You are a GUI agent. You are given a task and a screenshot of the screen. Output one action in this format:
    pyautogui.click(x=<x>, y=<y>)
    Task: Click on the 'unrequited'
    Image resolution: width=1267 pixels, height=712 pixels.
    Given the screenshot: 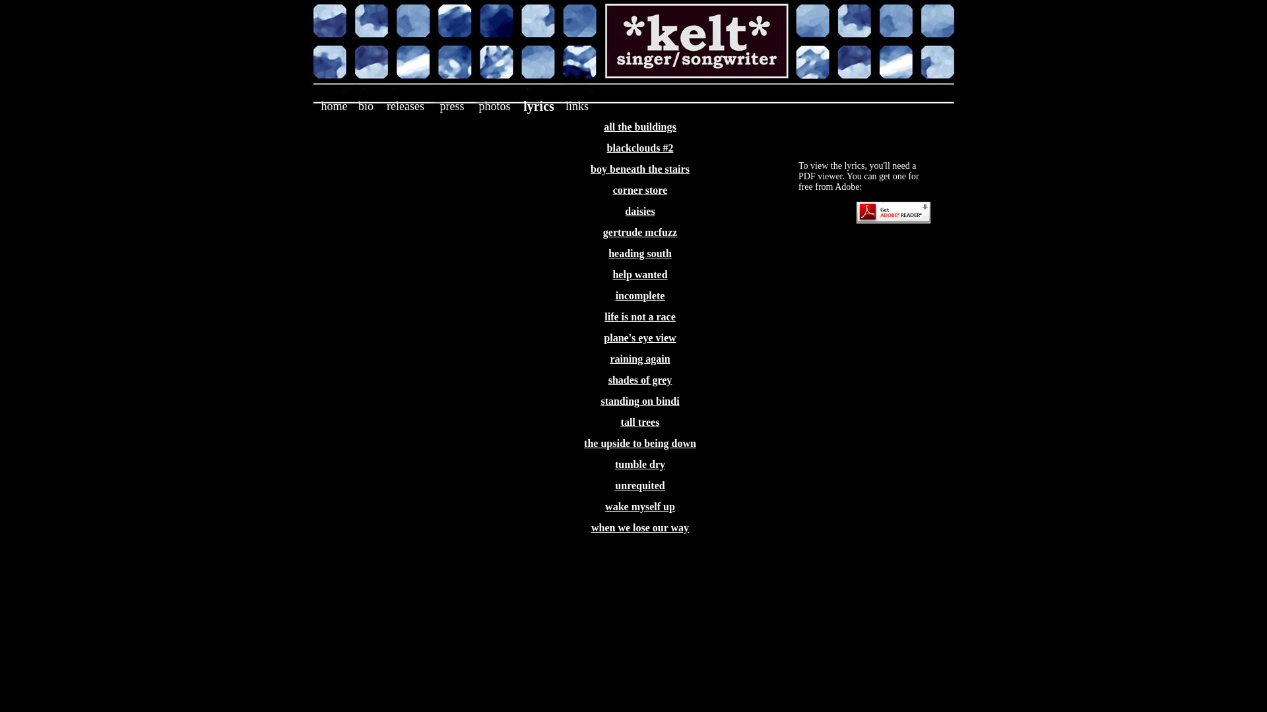 What is the action you would take?
    pyautogui.click(x=639, y=485)
    